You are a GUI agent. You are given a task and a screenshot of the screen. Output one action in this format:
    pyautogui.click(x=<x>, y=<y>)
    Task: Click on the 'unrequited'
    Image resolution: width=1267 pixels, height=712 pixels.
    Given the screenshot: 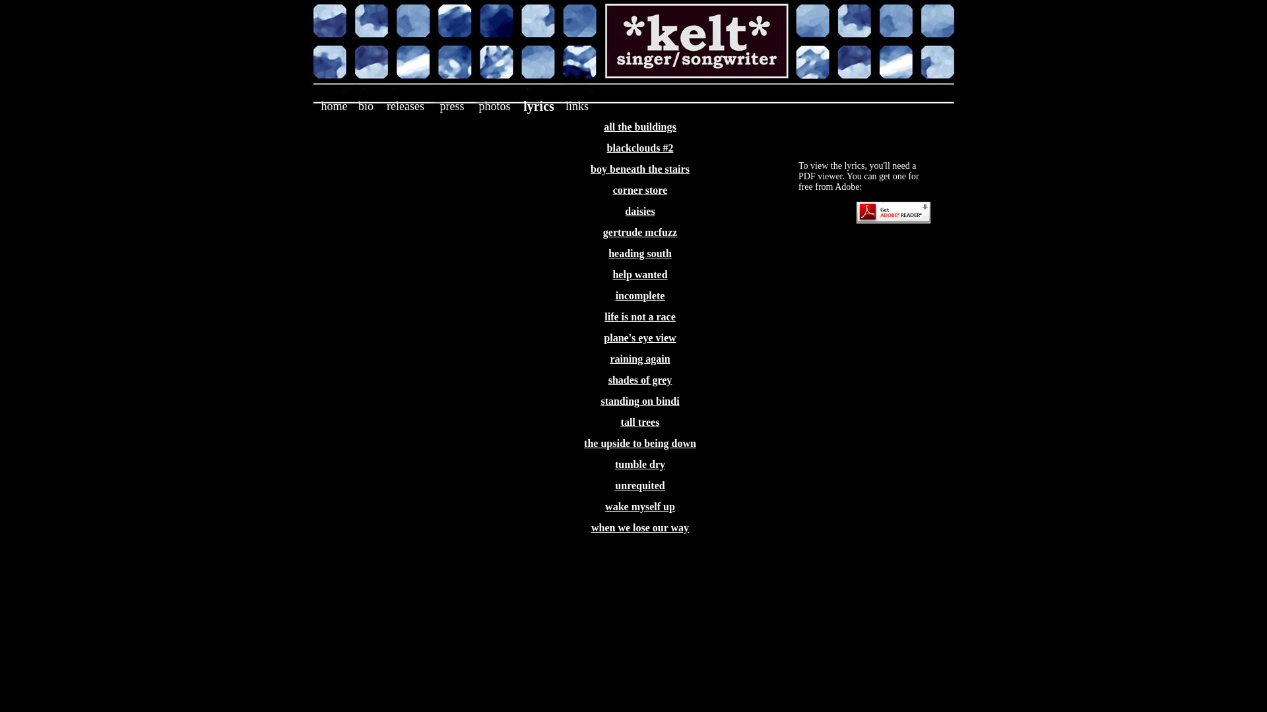 What is the action you would take?
    pyautogui.click(x=639, y=485)
    